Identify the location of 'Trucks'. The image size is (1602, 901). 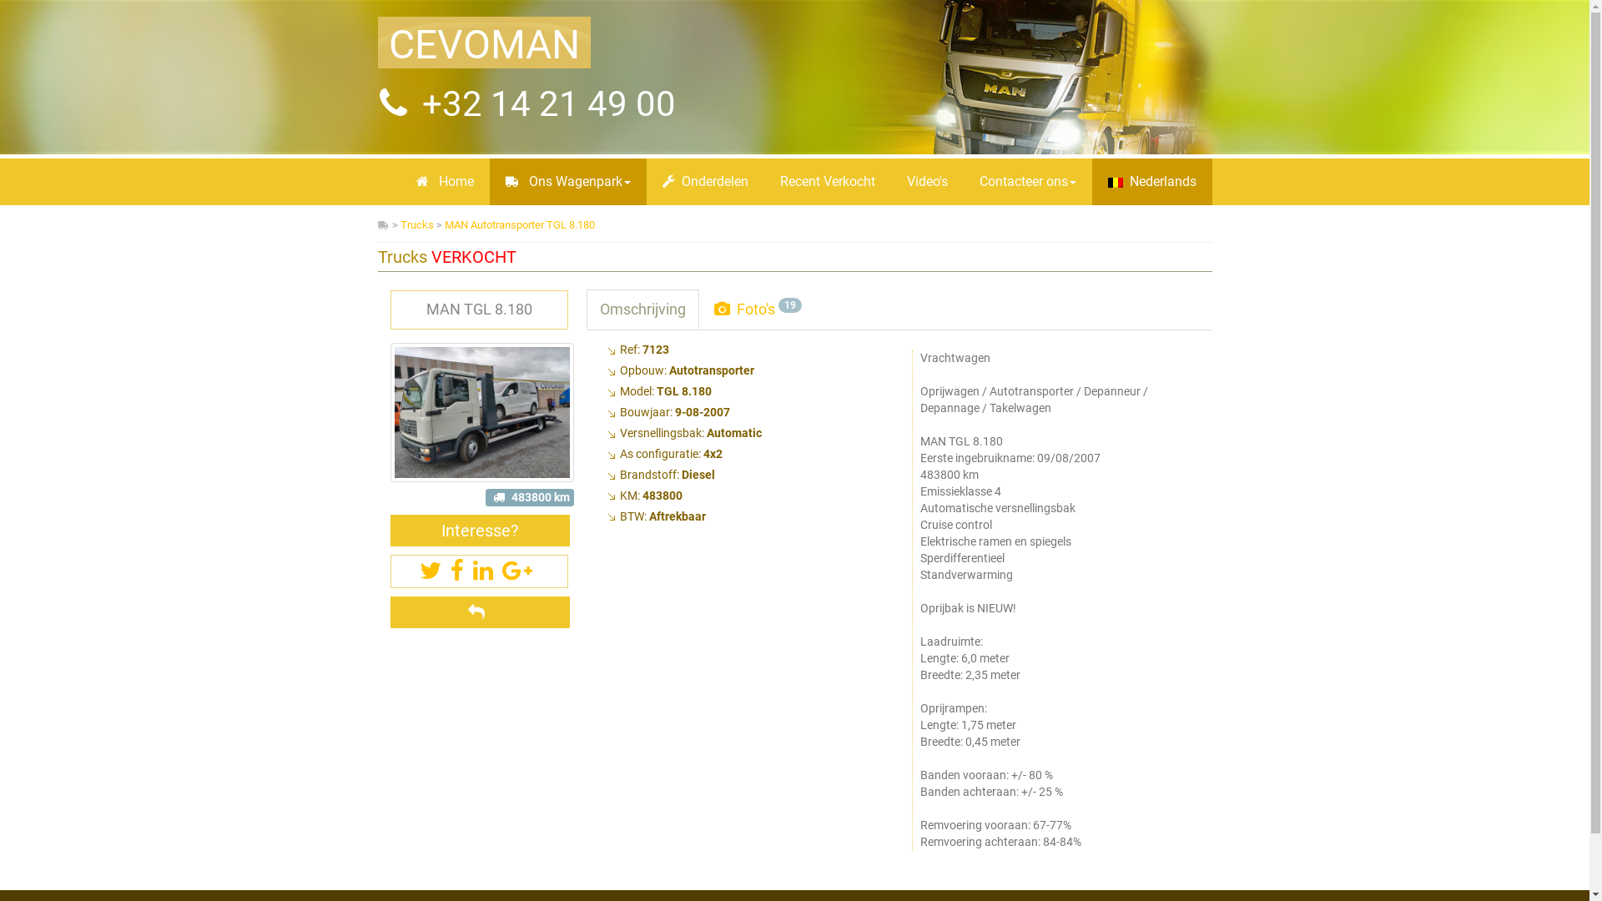
(400, 224).